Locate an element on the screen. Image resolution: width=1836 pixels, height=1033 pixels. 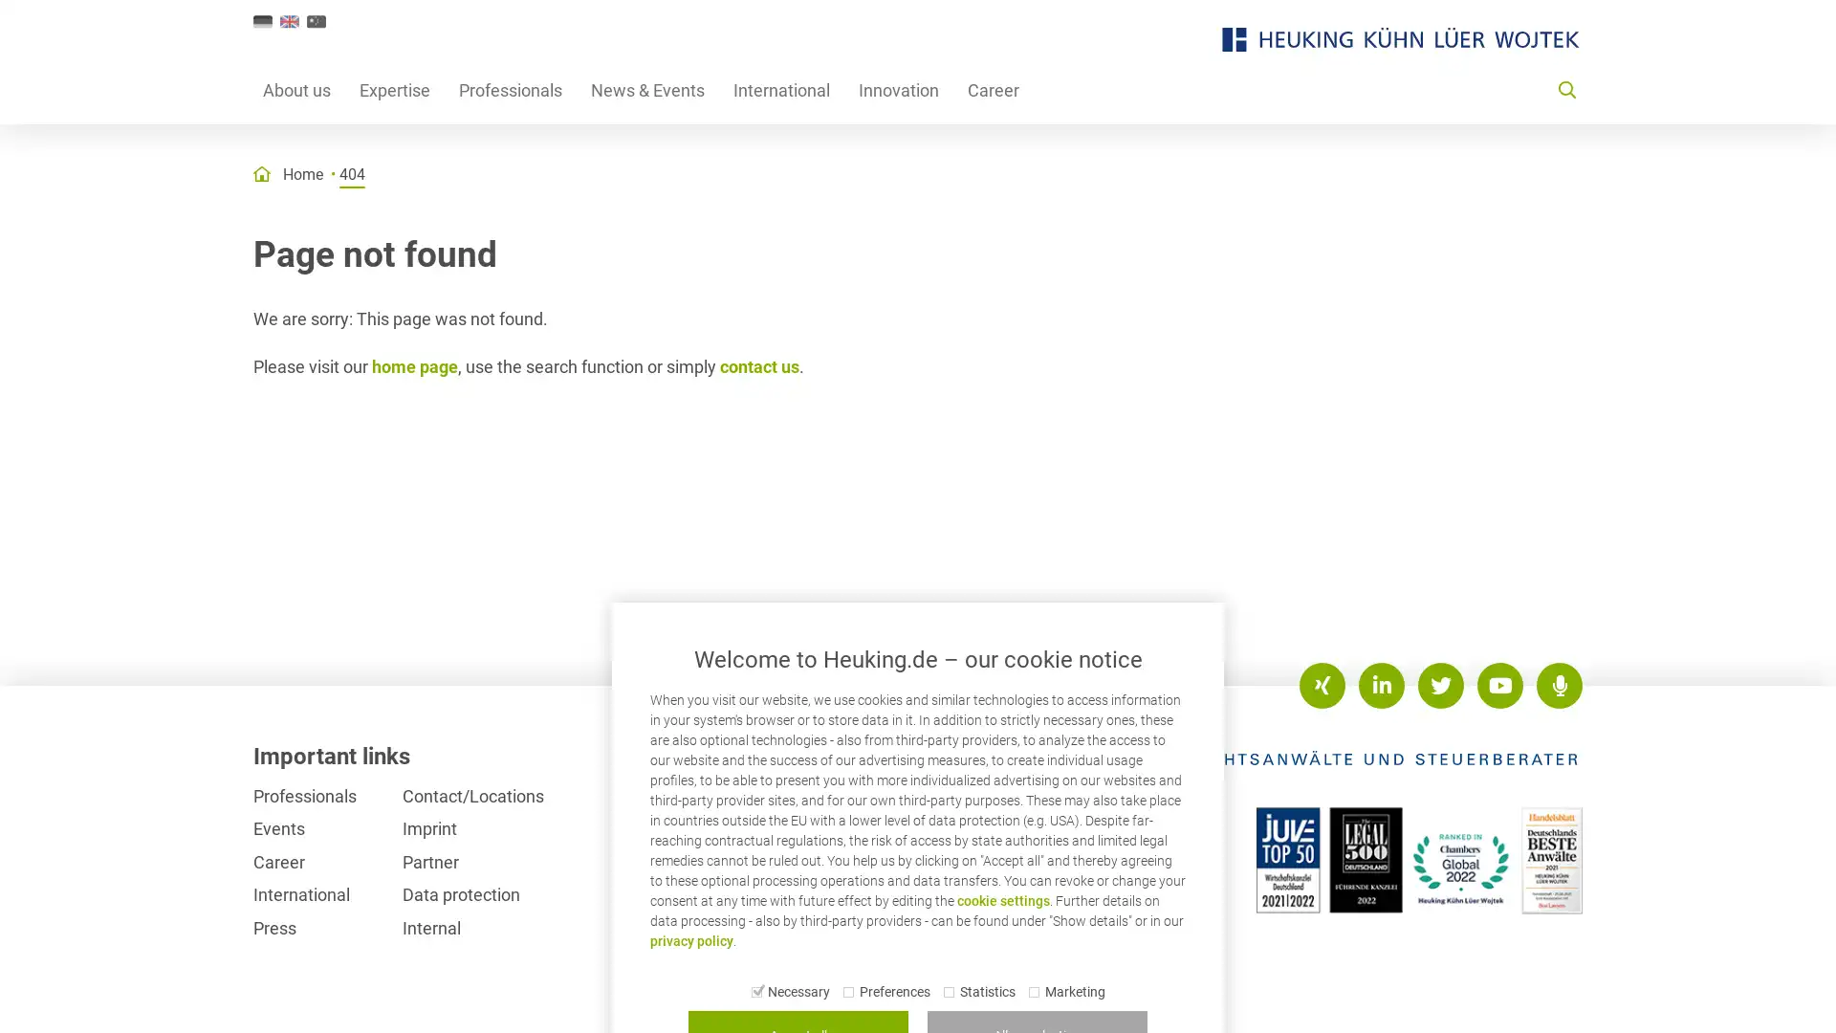
Podcasts is located at coordinates (1560, 684).